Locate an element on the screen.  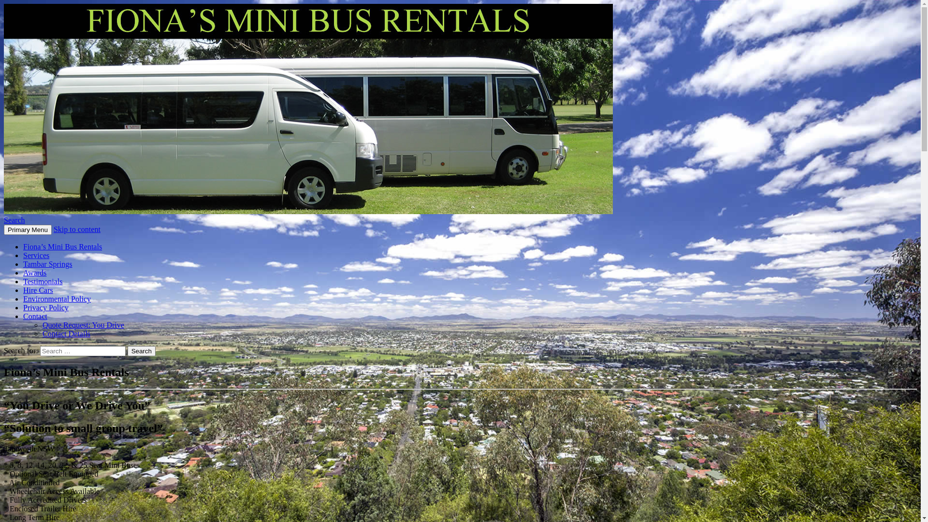
'Quote Request: You Drive' is located at coordinates (83, 325).